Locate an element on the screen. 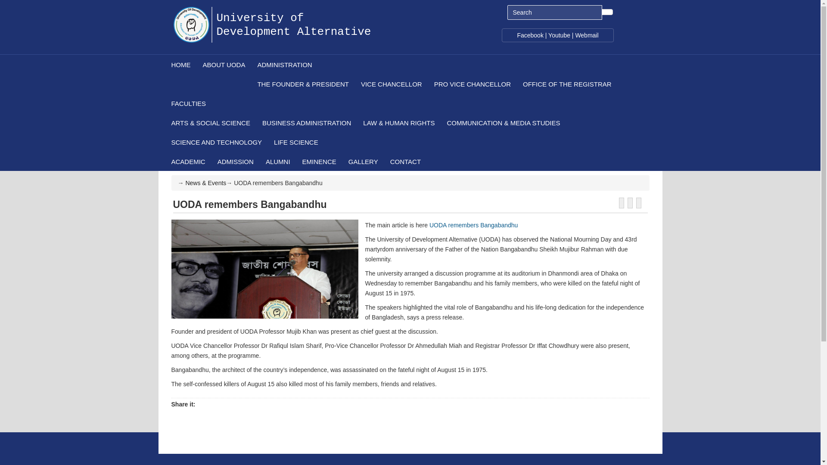 This screenshot has height=465, width=827. 'University of is located at coordinates (293, 18).